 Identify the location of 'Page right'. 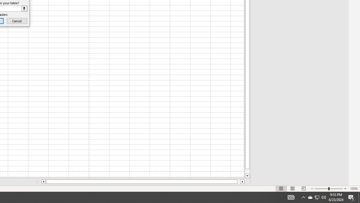
(238, 182).